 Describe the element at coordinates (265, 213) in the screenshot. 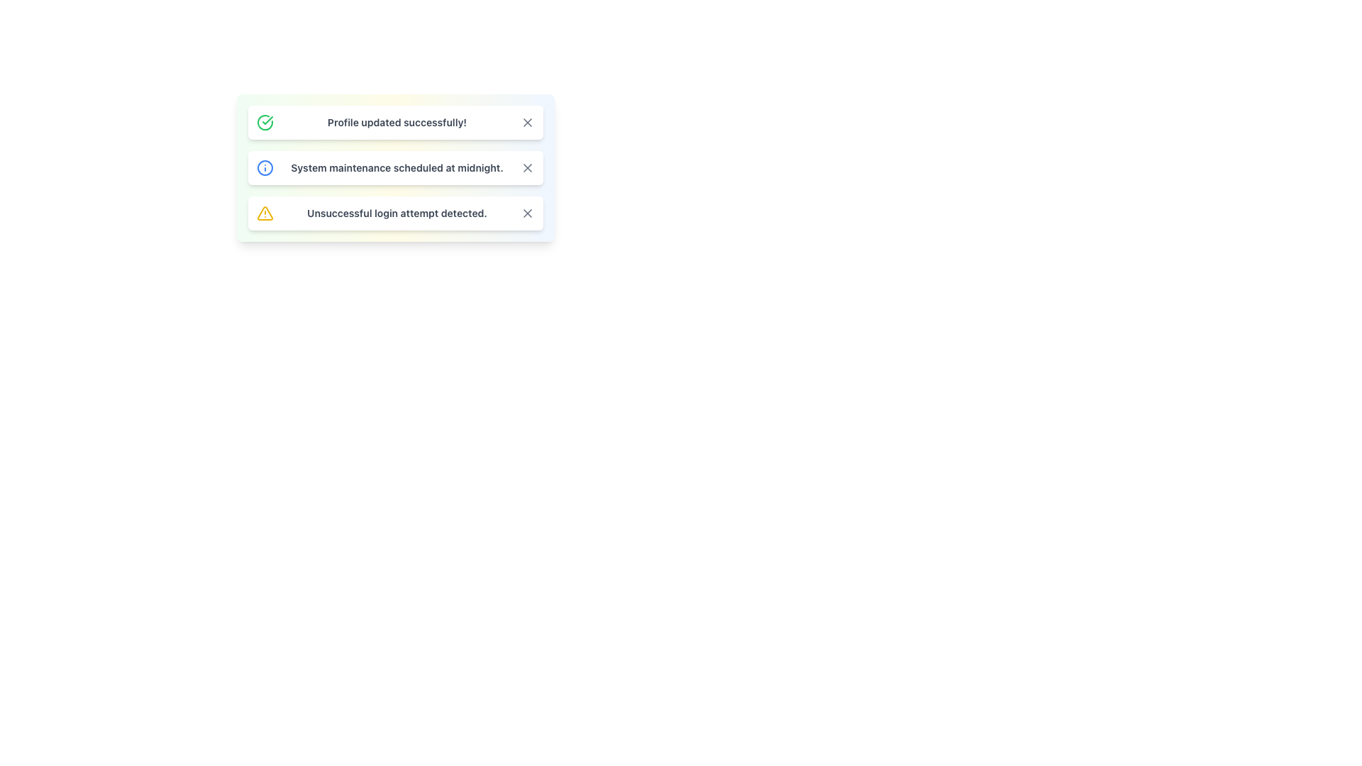

I see `the alert icon located on the left side of the 'Unsuccessful login attempt detected.' text in the third notification card` at that location.